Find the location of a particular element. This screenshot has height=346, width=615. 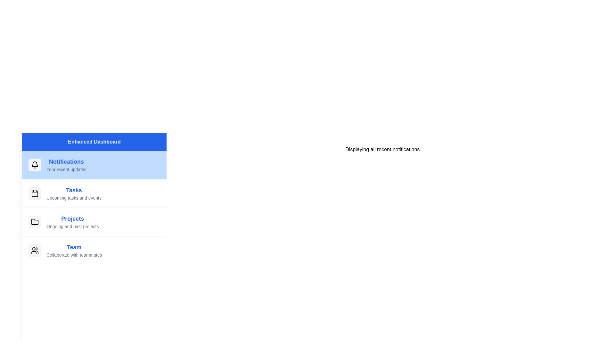

the menu item Team to switch the displayed content is located at coordinates (94, 250).